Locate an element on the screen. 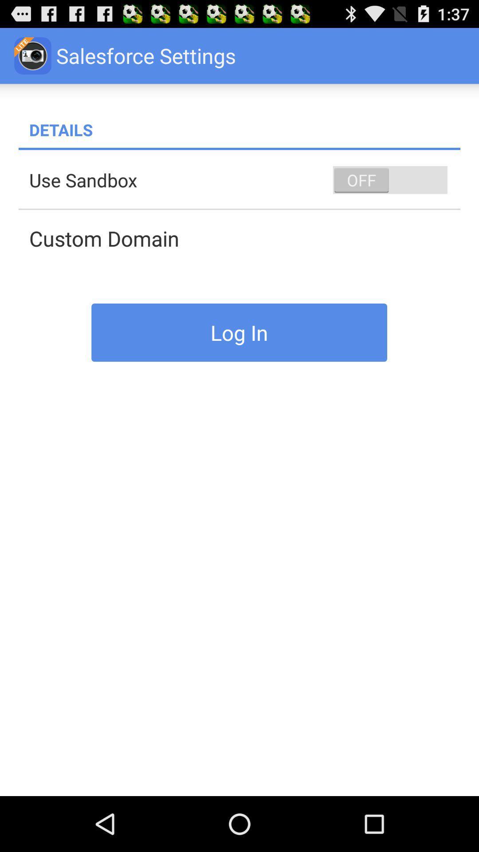 This screenshot has height=852, width=479. log in icon is located at coordinates (239, 332).